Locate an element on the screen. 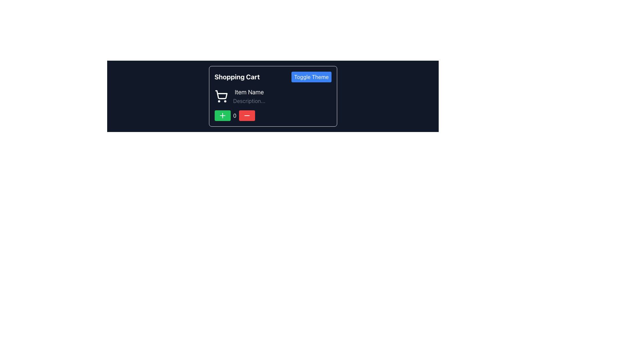  the square green button with a white plus symbol is located at coordinates (222, 115).